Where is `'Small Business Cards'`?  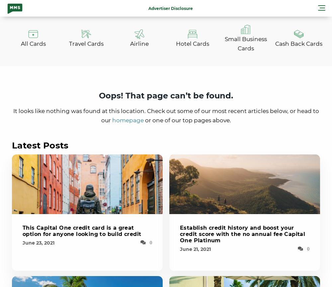
'Small Business Cards' is located at coordinates (224, 43).